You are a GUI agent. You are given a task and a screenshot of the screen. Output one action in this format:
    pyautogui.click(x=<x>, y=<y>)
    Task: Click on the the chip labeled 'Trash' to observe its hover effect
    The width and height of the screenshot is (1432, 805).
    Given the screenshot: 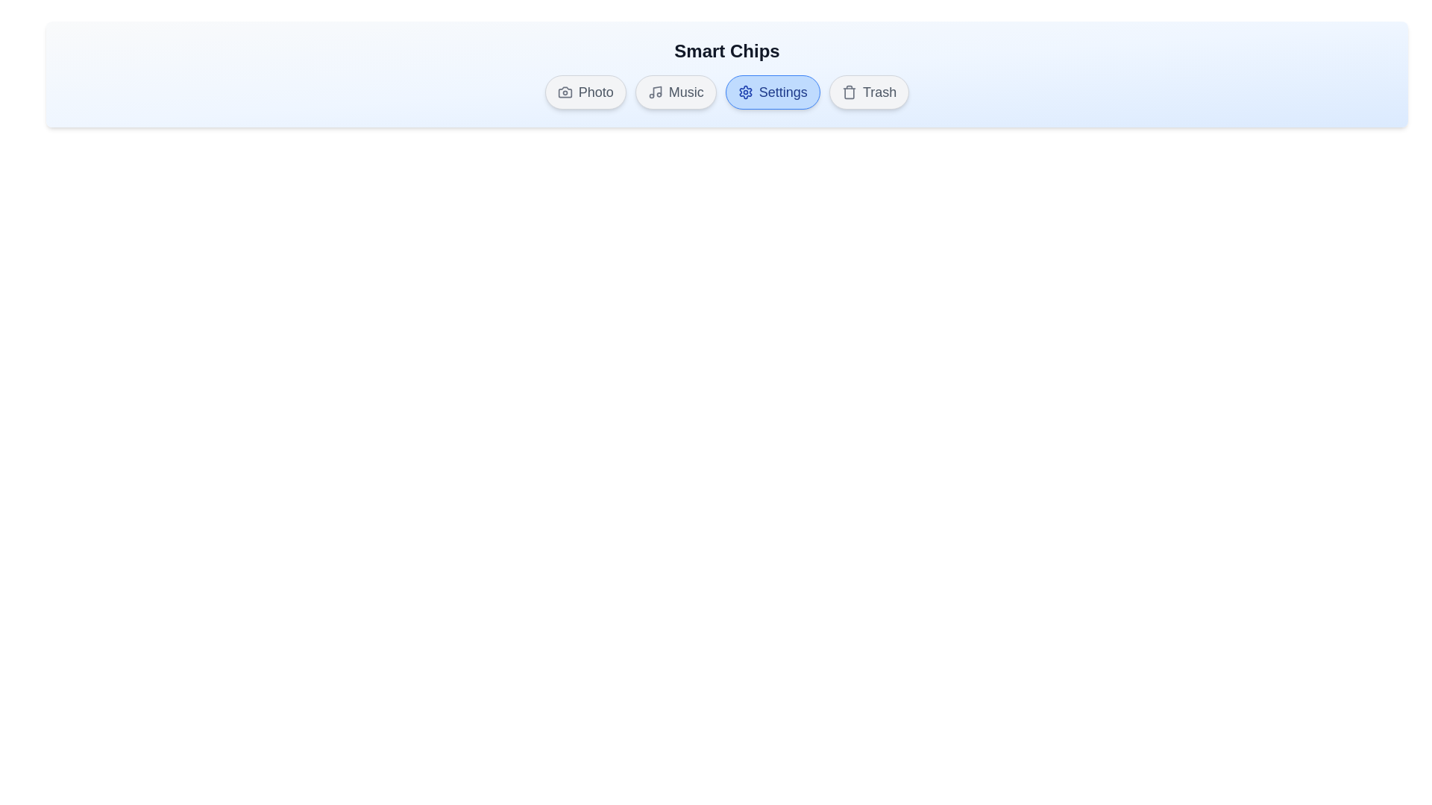 What is the action you would take?
    pyautogui.click(x=869, y=92)
    